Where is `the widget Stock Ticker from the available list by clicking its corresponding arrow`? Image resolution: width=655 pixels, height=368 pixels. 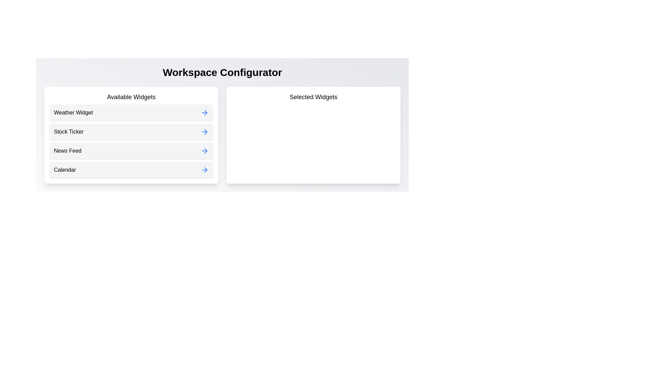 the widget Stock Ticker from the available list by clicking its corresponding arrow is located at coordinates (204, 132).